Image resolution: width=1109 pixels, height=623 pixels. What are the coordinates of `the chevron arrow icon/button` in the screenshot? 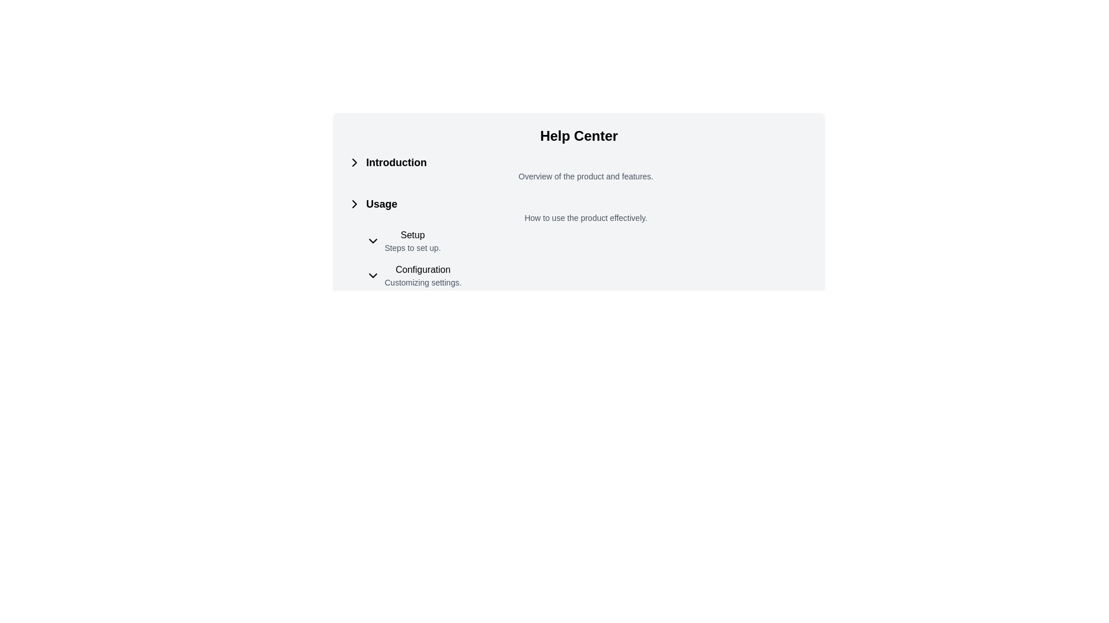 It's located at (354, 162).